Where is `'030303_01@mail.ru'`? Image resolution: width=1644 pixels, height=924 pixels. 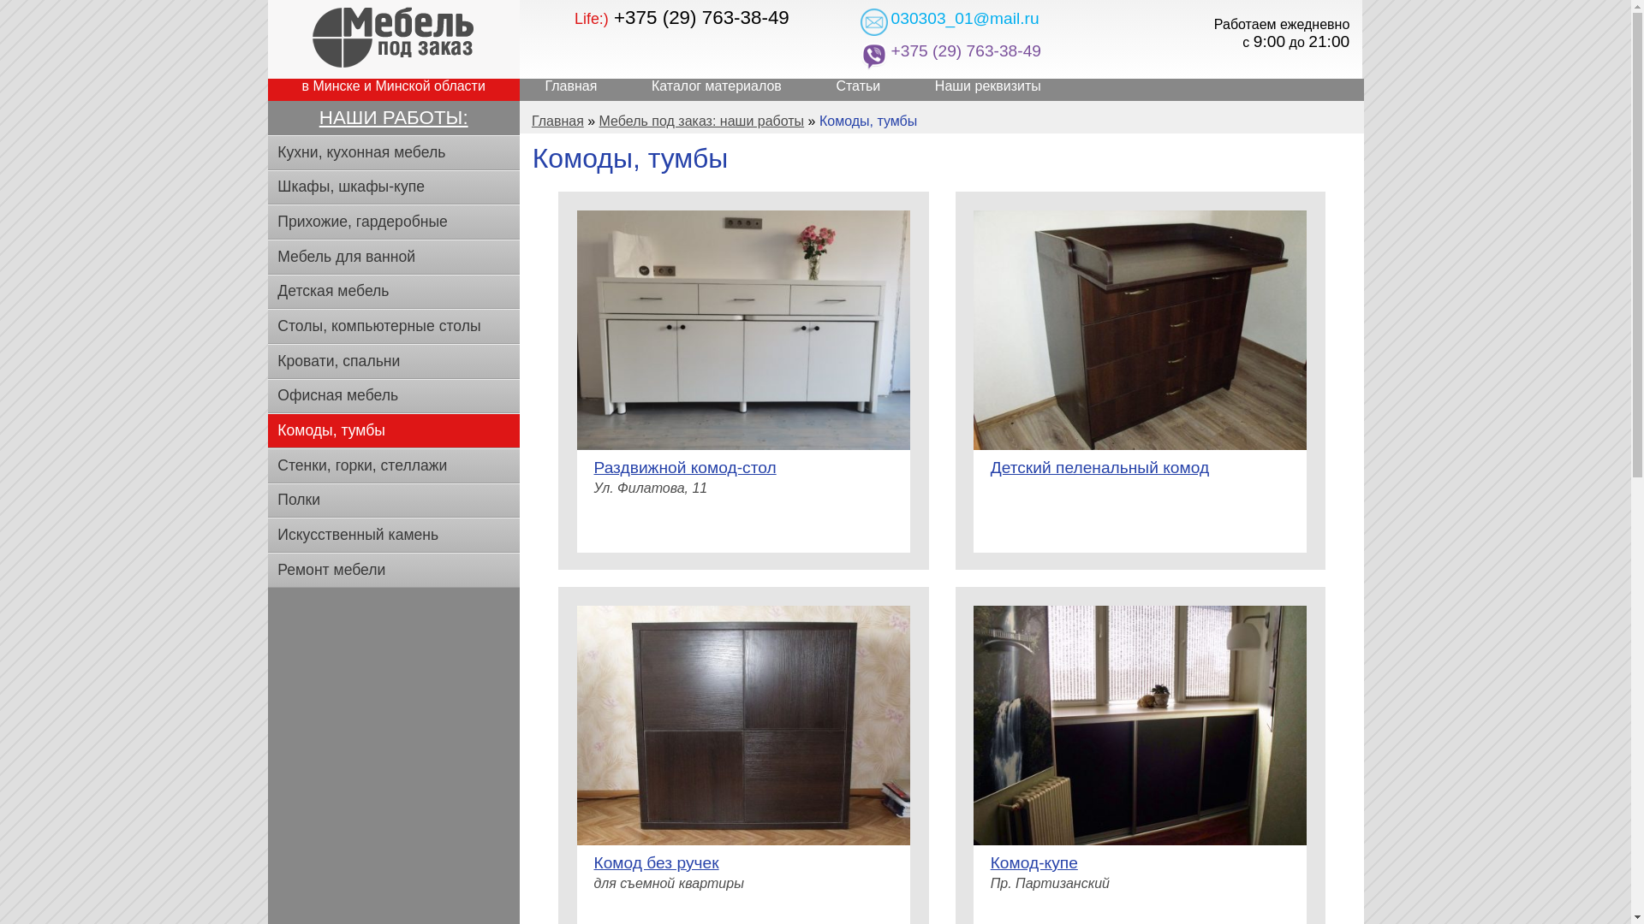 '030303_01@mail.ru' is located at coordinates (965, 18).